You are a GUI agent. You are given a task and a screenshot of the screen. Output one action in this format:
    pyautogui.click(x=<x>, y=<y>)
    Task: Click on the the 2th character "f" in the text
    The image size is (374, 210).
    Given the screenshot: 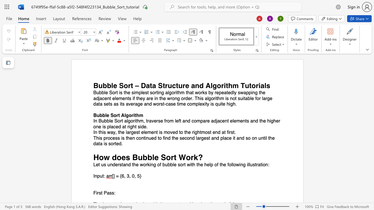 What is the action you would take?
    pyautogui.click(x=217, y=165)
    